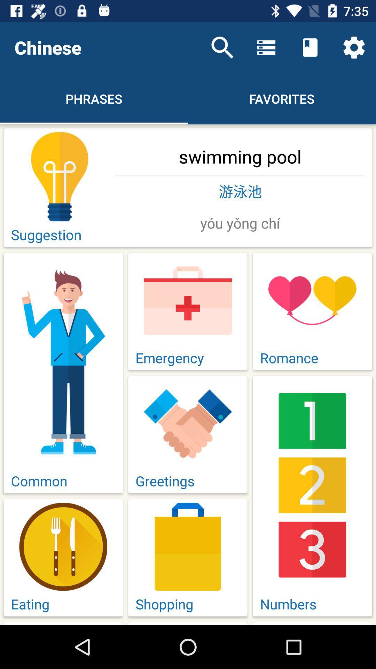 The height and width of the screenshot is (669, 376). I want to click on the icon above the swimming pool icon, so click(354, 47).